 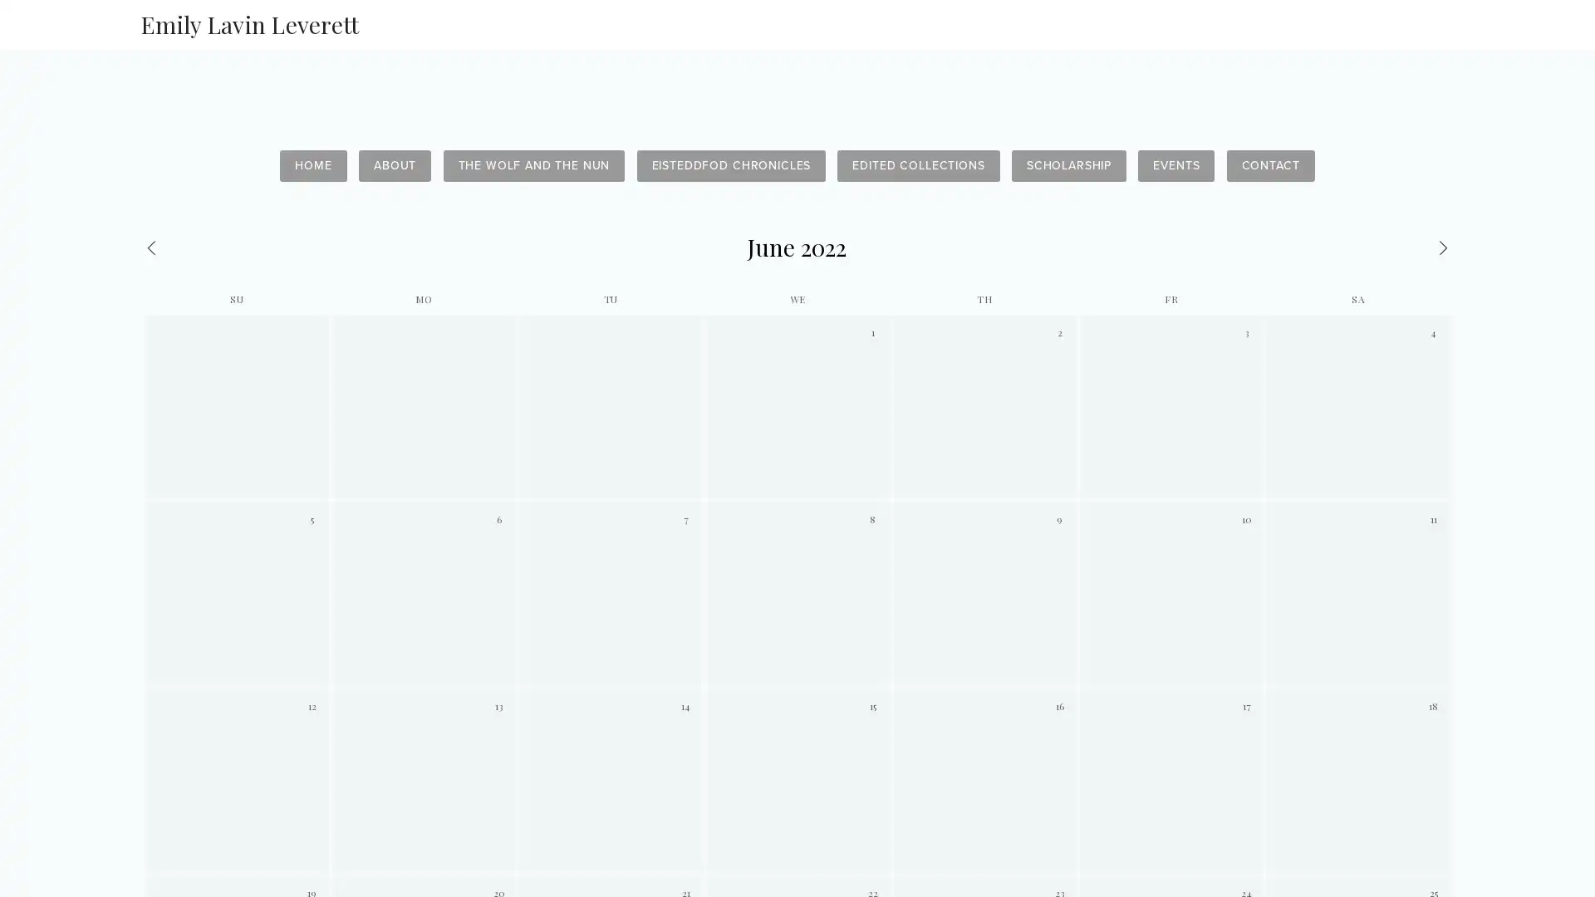 What do you see at coordinates (1361, 247) in the screenshot?
I see `Go to next month` at bounding box center [1361, 247].